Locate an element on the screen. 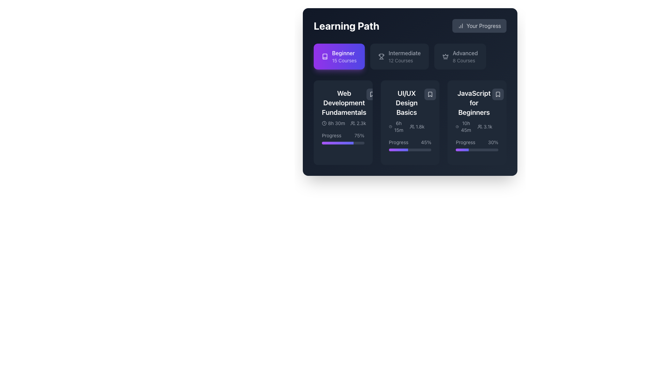 This screenshot has width=654, height=368. the progress bar located under the 'Progress 30%' text in the 'JavaScript for Beginners' section, which is found in the third card from the left in the second row is located at coordinates (477, 149).